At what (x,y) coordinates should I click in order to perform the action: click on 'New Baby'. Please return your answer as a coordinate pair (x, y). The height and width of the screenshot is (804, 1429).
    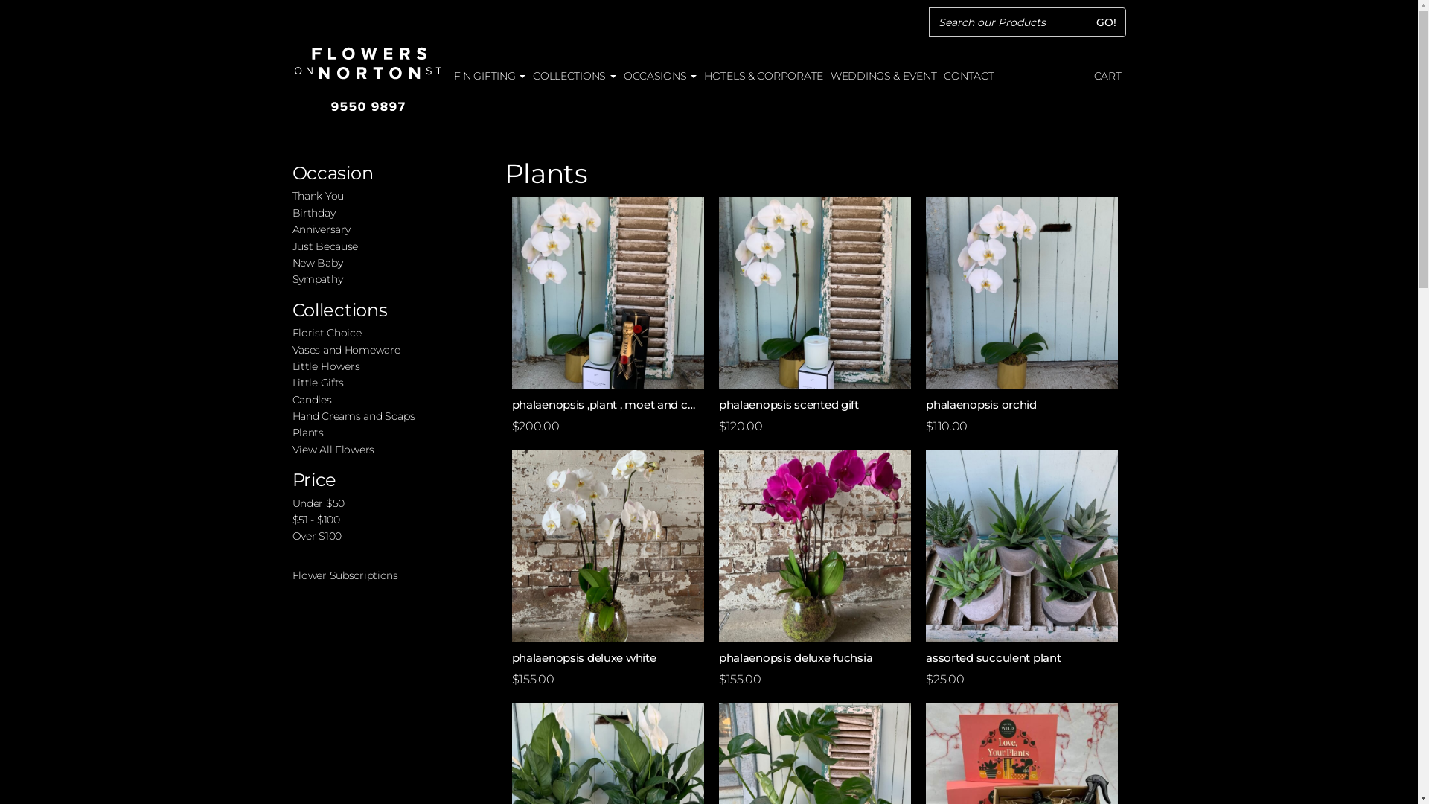
    Looking at the image, I should click on (316, 262).